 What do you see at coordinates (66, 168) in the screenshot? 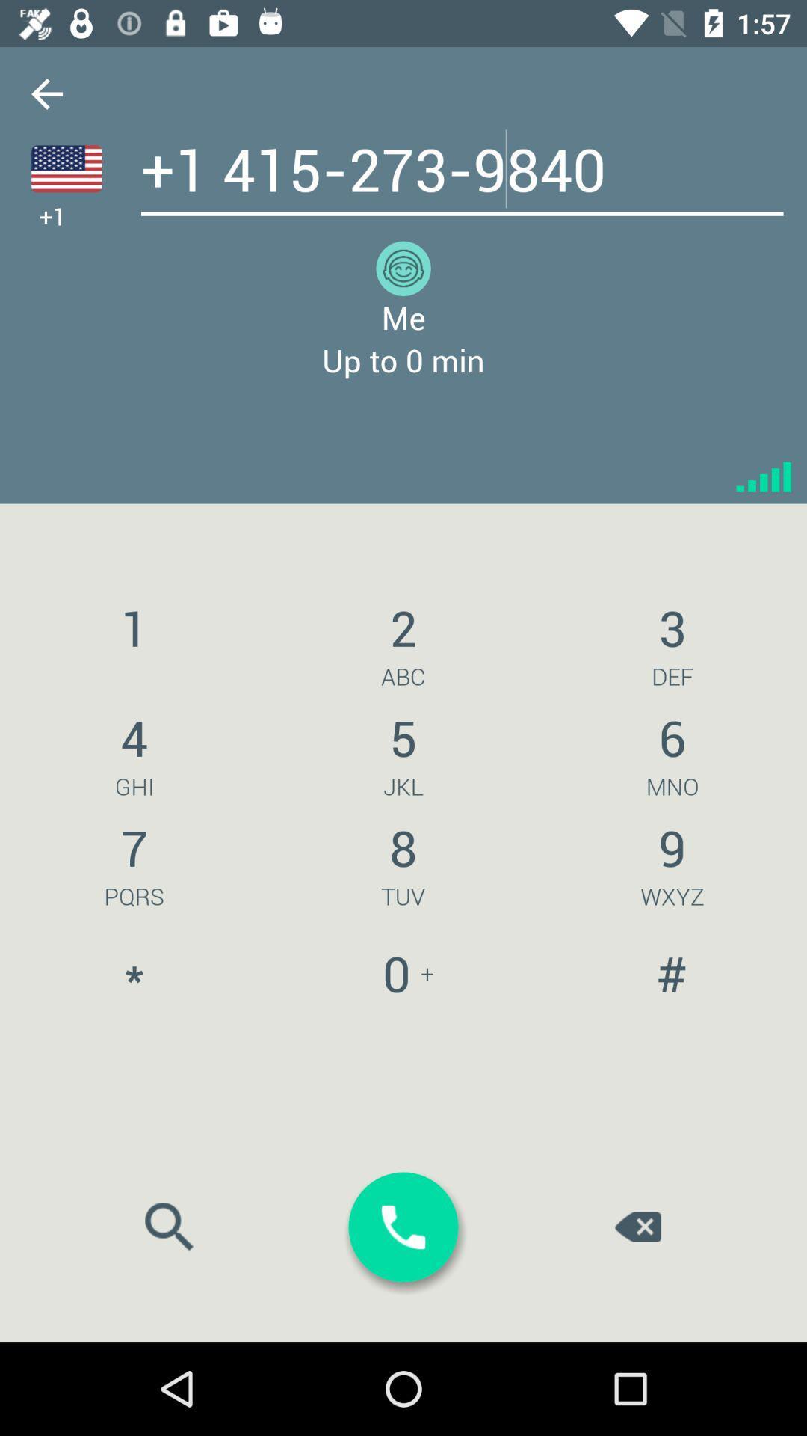
I see `country options` at bounding box center [66, 168].